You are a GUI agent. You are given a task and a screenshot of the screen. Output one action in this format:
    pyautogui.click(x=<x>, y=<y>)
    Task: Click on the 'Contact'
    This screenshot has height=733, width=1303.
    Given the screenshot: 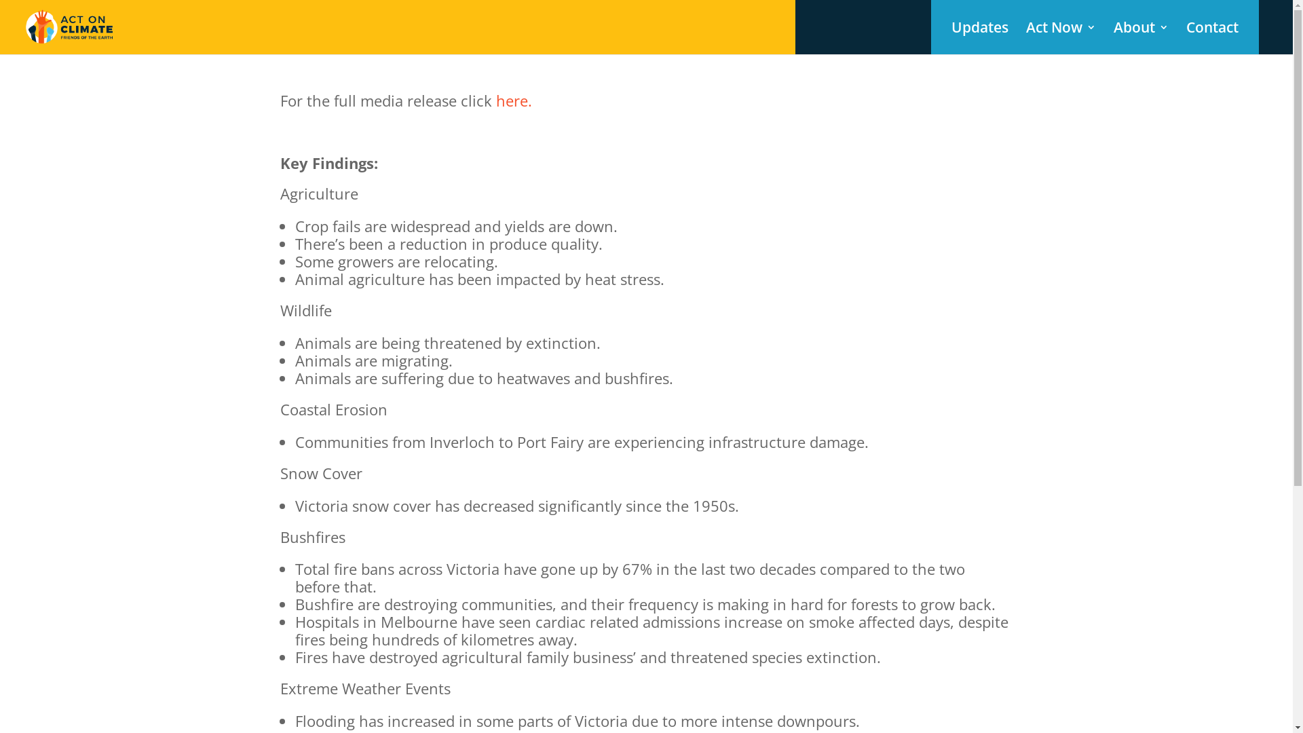 What is the action you would take?
    pyautogui.click(x=1212, y=37)
    